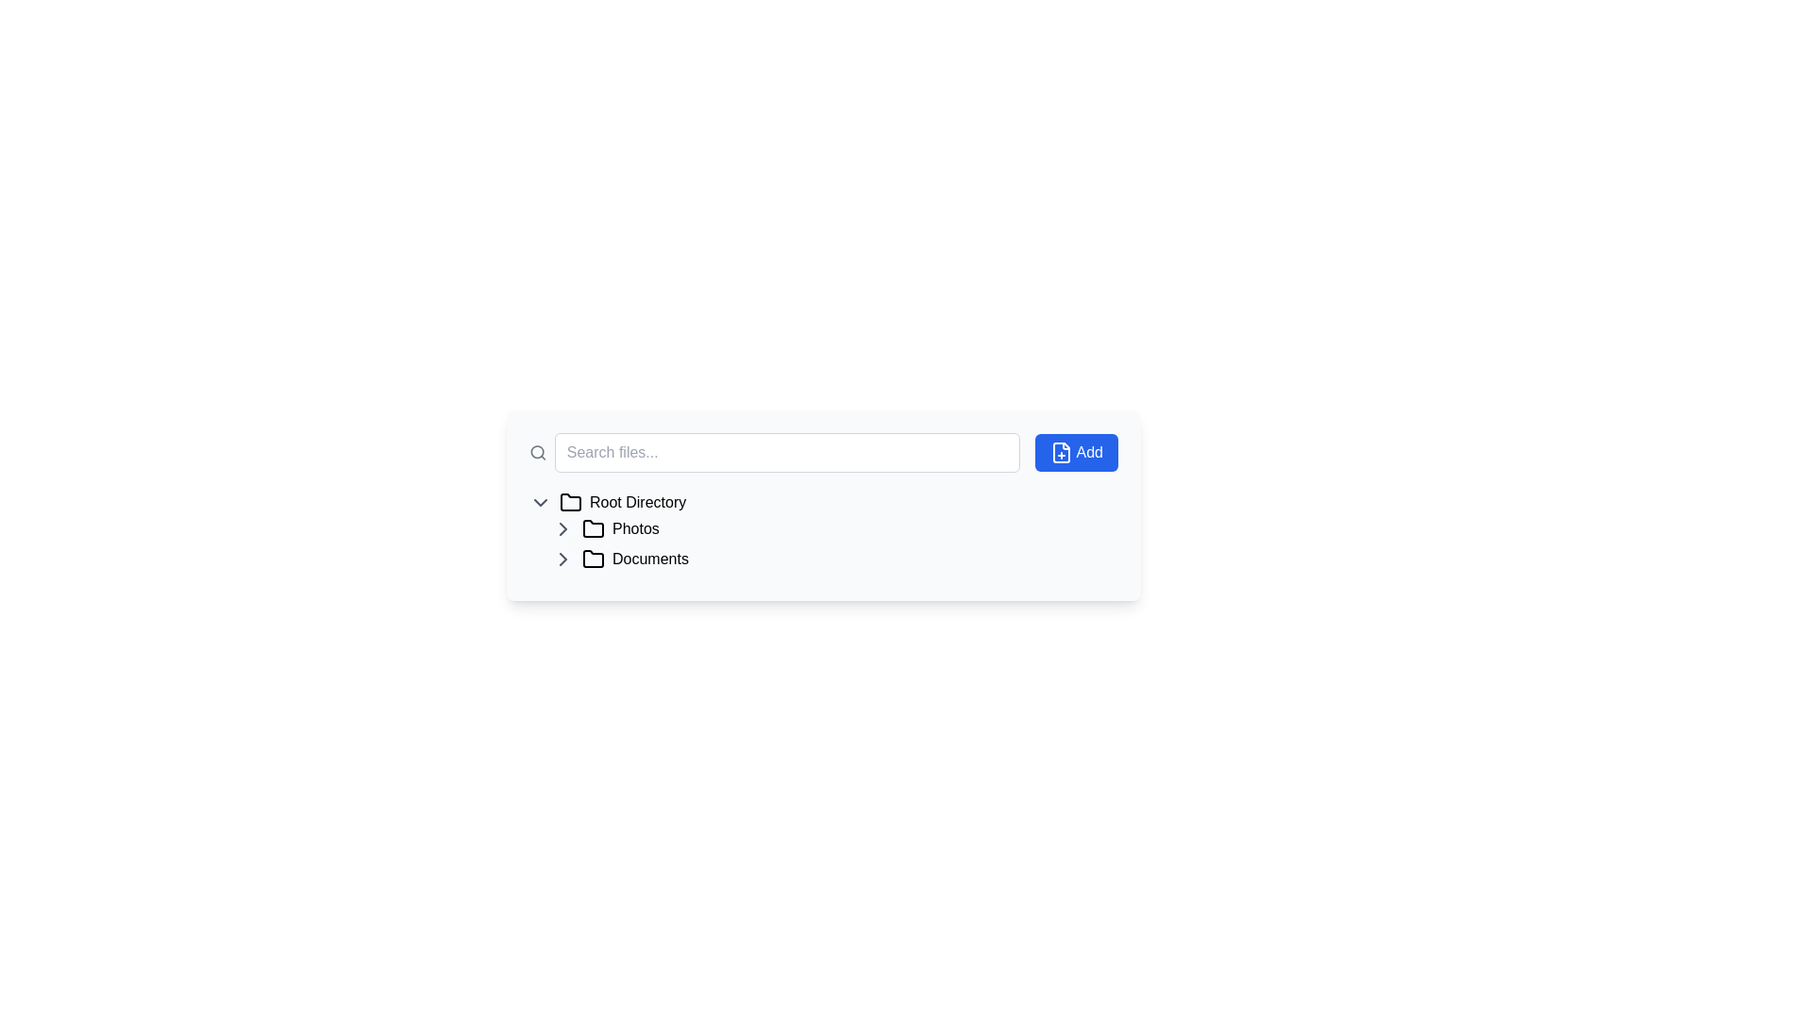 Image resolution: width=1812 pixels, height=1019 pixels. What do you see at coordinates (635, 528) in the screenshot?
I see `the 'Photos' folder label` at bounding box center [635, 528].